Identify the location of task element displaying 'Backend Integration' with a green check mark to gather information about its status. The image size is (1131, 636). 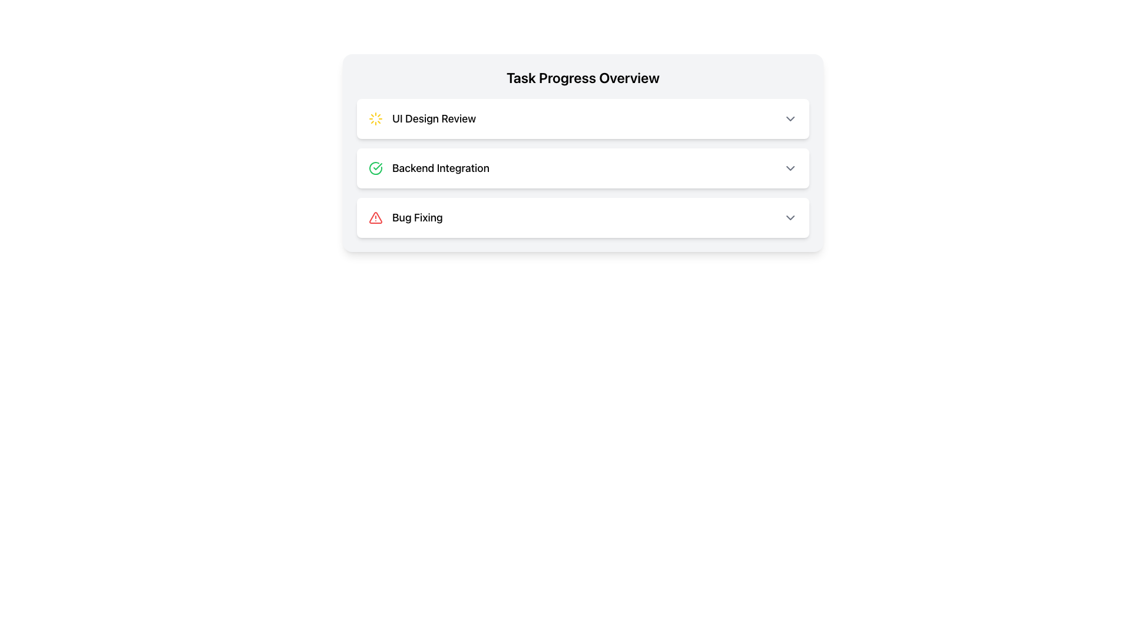
(428, 168).